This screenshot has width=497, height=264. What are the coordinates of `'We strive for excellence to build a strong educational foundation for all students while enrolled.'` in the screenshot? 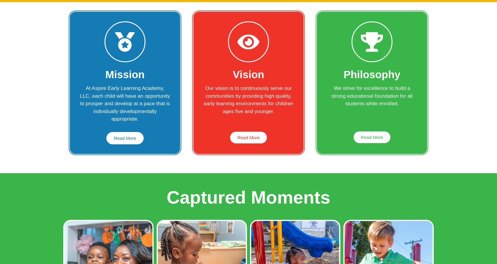 It's located at (331, 96).